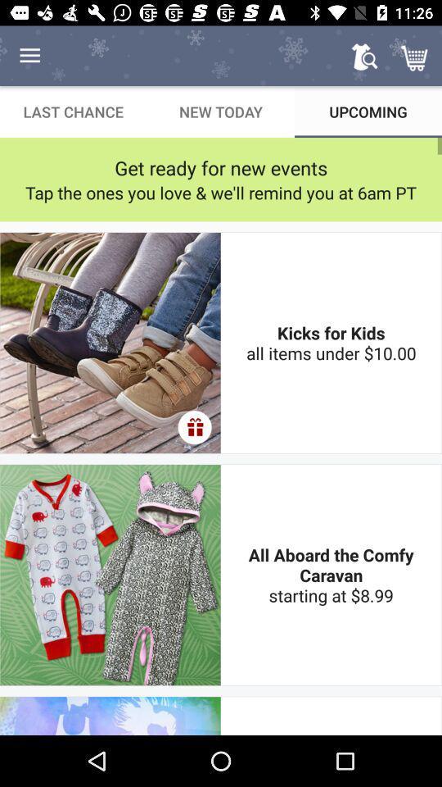  I want to click on the icon to the left of the kicks for kids icon, so click(195, 426).